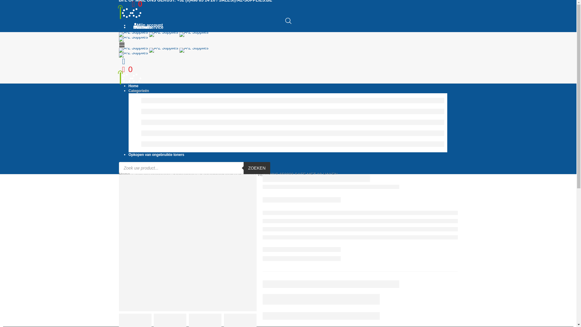 This screenshot has width=581, height=327. What do you see at coordinates (185, 174) in the screenshot?
I see `'Klein electra'` at bounding box center [185, 174].